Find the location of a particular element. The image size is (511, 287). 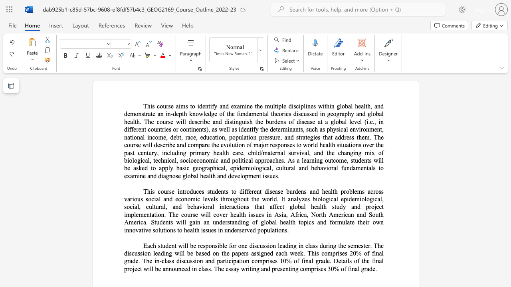

the subset text "s." within the text "ed populations." is located at coordinates (285, 230).